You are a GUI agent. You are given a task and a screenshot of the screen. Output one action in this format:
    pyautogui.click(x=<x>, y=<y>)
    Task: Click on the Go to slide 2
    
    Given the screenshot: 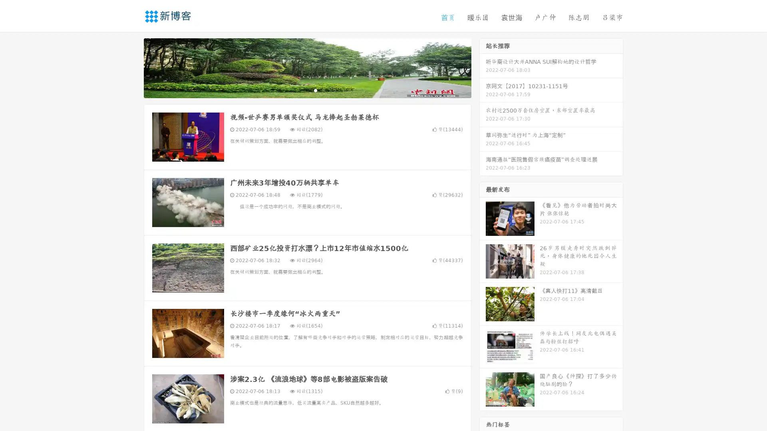 What is the action you would take?
    pyautogui.click(x=307, y=90)
    